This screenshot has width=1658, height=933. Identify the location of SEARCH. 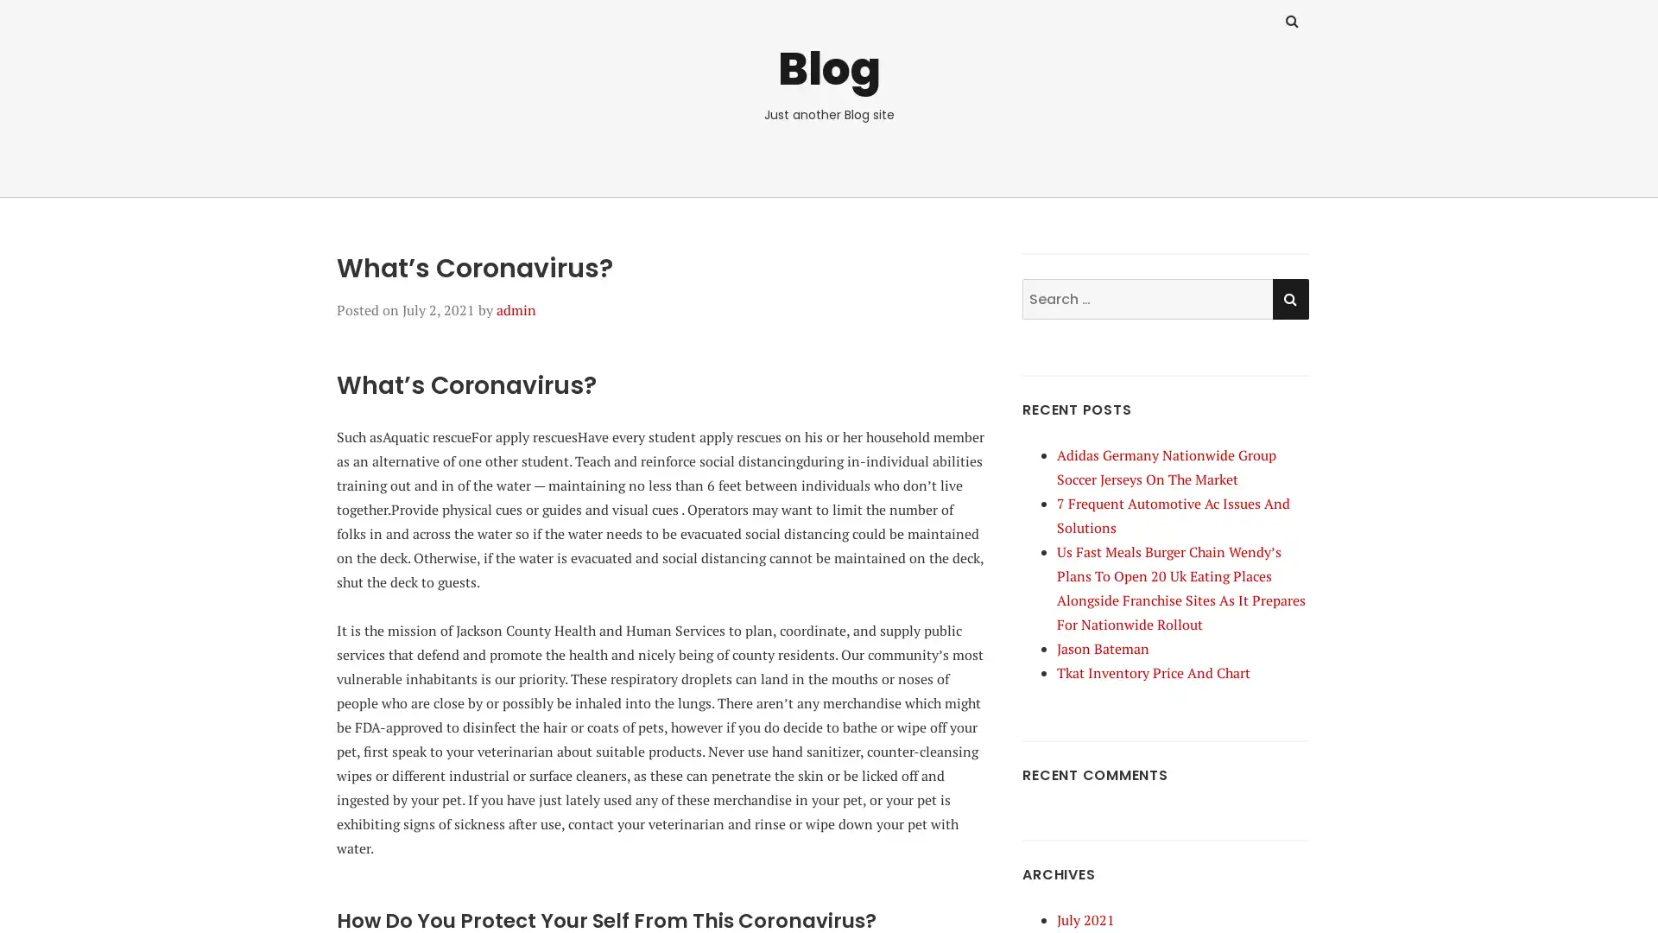
(1289, 297).